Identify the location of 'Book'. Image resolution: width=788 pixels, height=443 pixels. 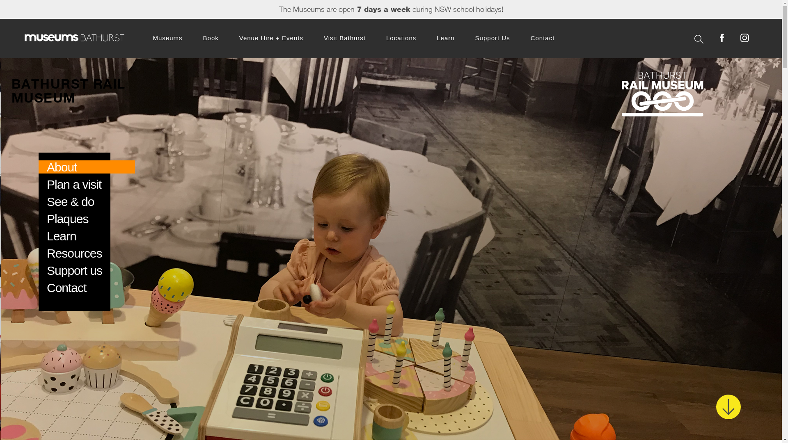
(211, 38).